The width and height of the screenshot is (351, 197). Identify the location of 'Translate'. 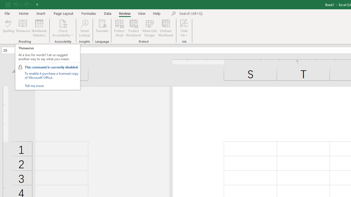
(102, 28).